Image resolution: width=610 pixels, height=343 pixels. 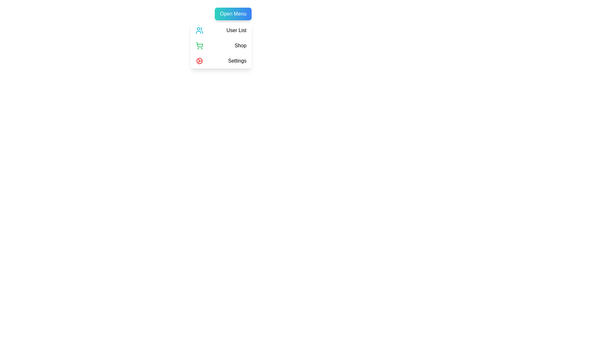 What do you see at coordinates (221, 45) in the screenshot?
I see `the 'Shop' option in the menu` at bounding box center [221, 45].